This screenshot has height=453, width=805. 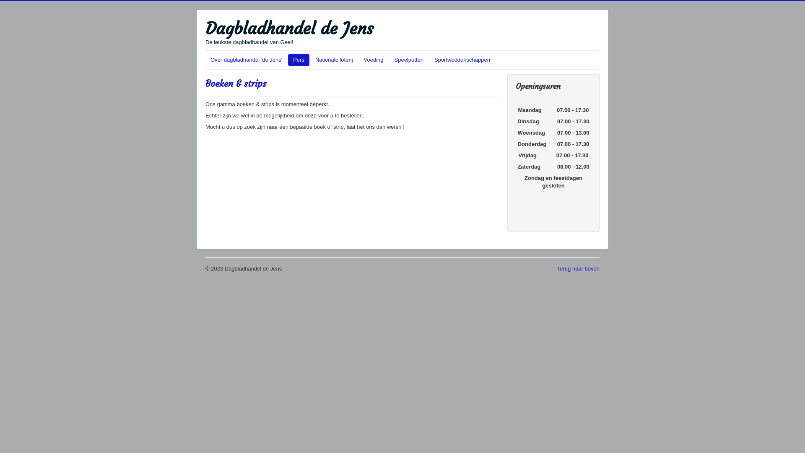 What do you see at coordinates (246, 59) in the screenshot?
I see `'Over dagbladhandel 'de Jens''` at bounding box center [246, 59].